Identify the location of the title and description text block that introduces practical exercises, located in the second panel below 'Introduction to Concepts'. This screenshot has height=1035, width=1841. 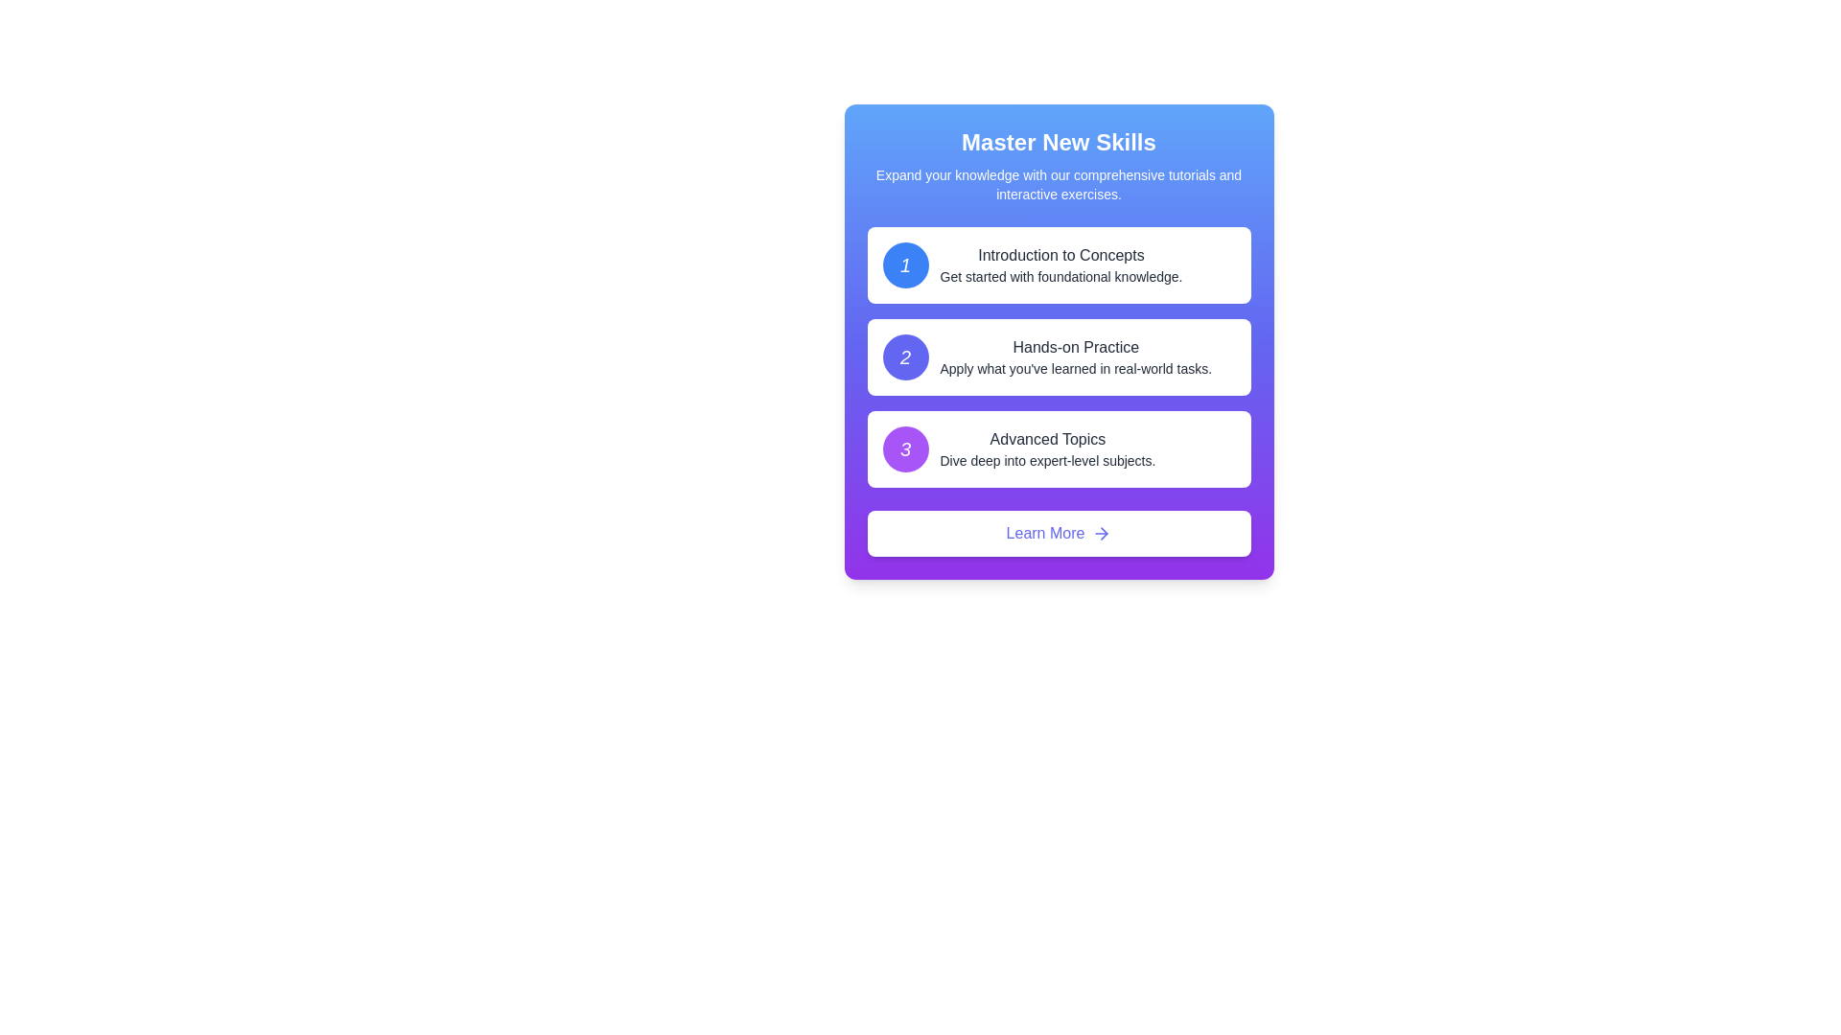
(1076, 357).